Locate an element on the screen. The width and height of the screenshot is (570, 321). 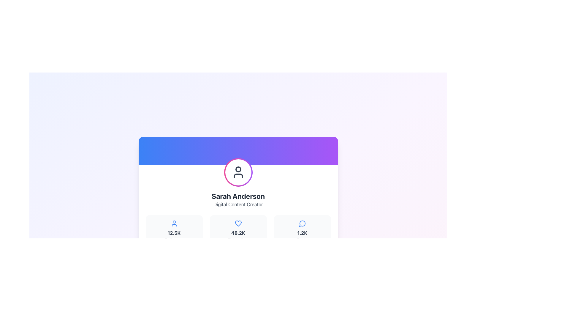
the engagement count icon located in the middle of three similar blocks, positioned above the text '48.2K Posts' is located at coordinates (238, 224).